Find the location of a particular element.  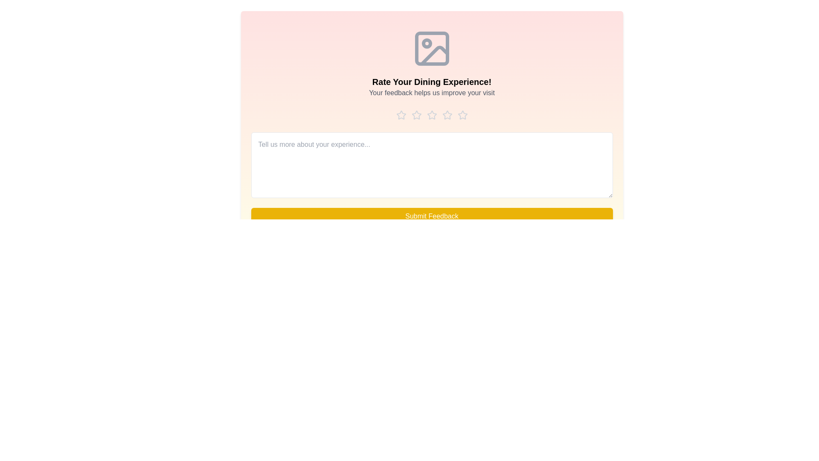

the text area and type the feedback message is located at coordinates (432, 165).